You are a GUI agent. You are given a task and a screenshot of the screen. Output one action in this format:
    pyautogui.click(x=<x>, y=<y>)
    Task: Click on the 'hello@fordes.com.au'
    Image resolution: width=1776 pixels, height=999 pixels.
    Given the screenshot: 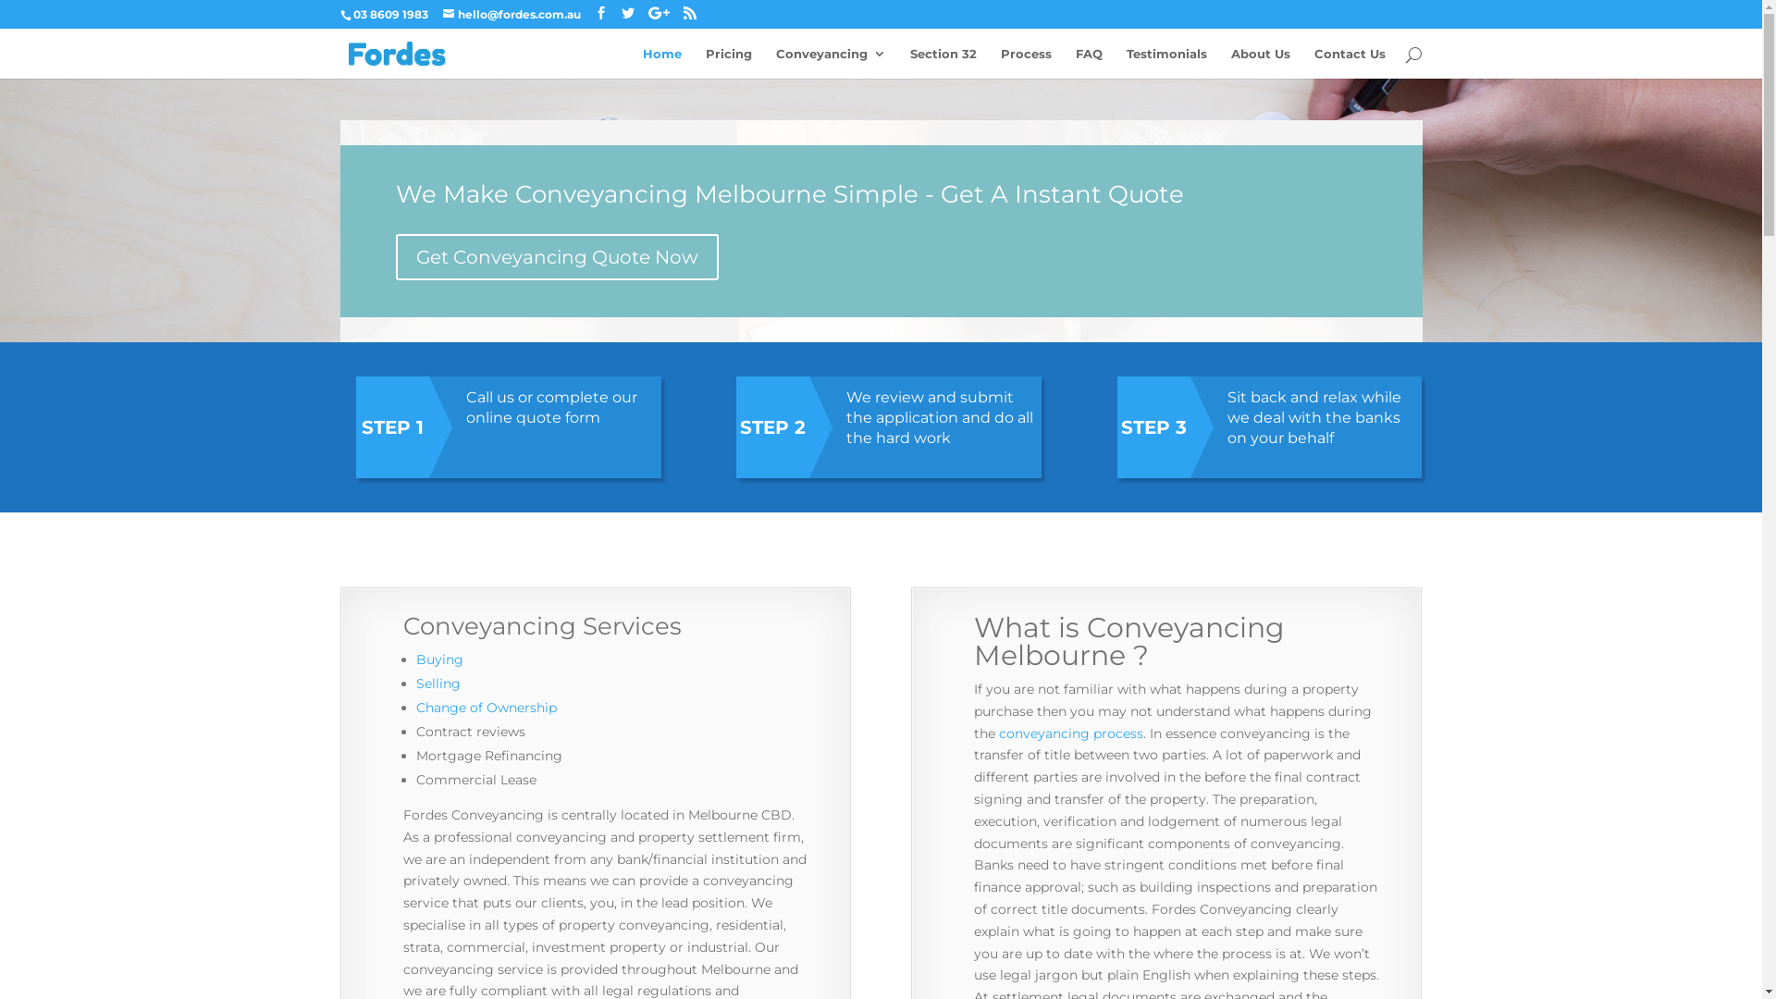 What is the action you would take?
    pyautogui.click(x=511, y=14)
    